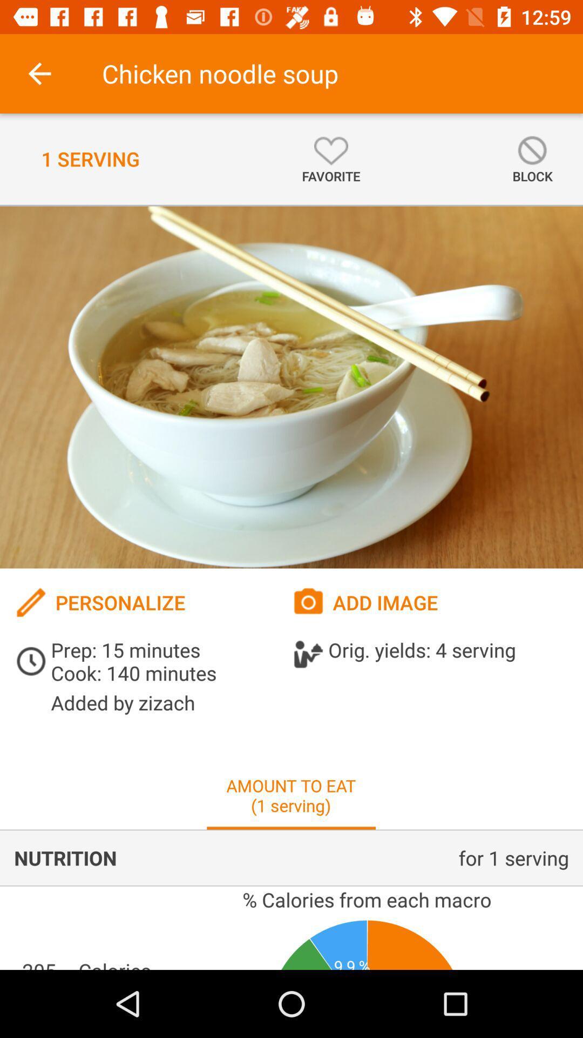  Describe the element at coordinates (532, 158) in the screenshot. I see `the block icon` at that location.